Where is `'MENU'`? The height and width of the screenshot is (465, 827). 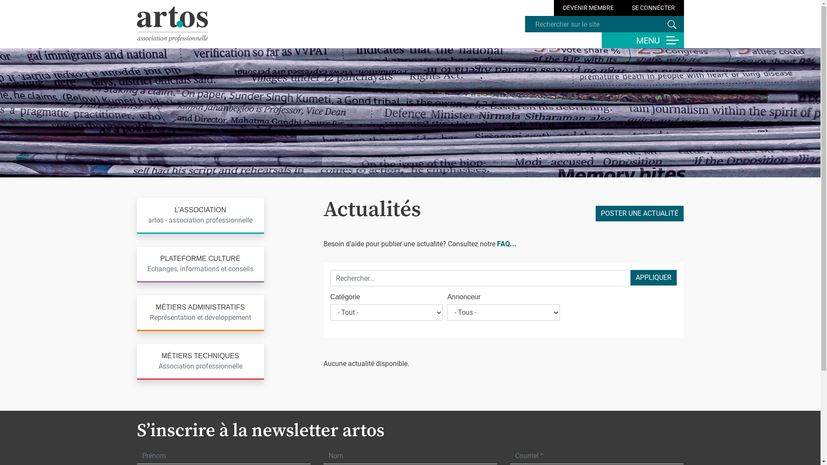
'MENU' is located at coordinates (642, 40).